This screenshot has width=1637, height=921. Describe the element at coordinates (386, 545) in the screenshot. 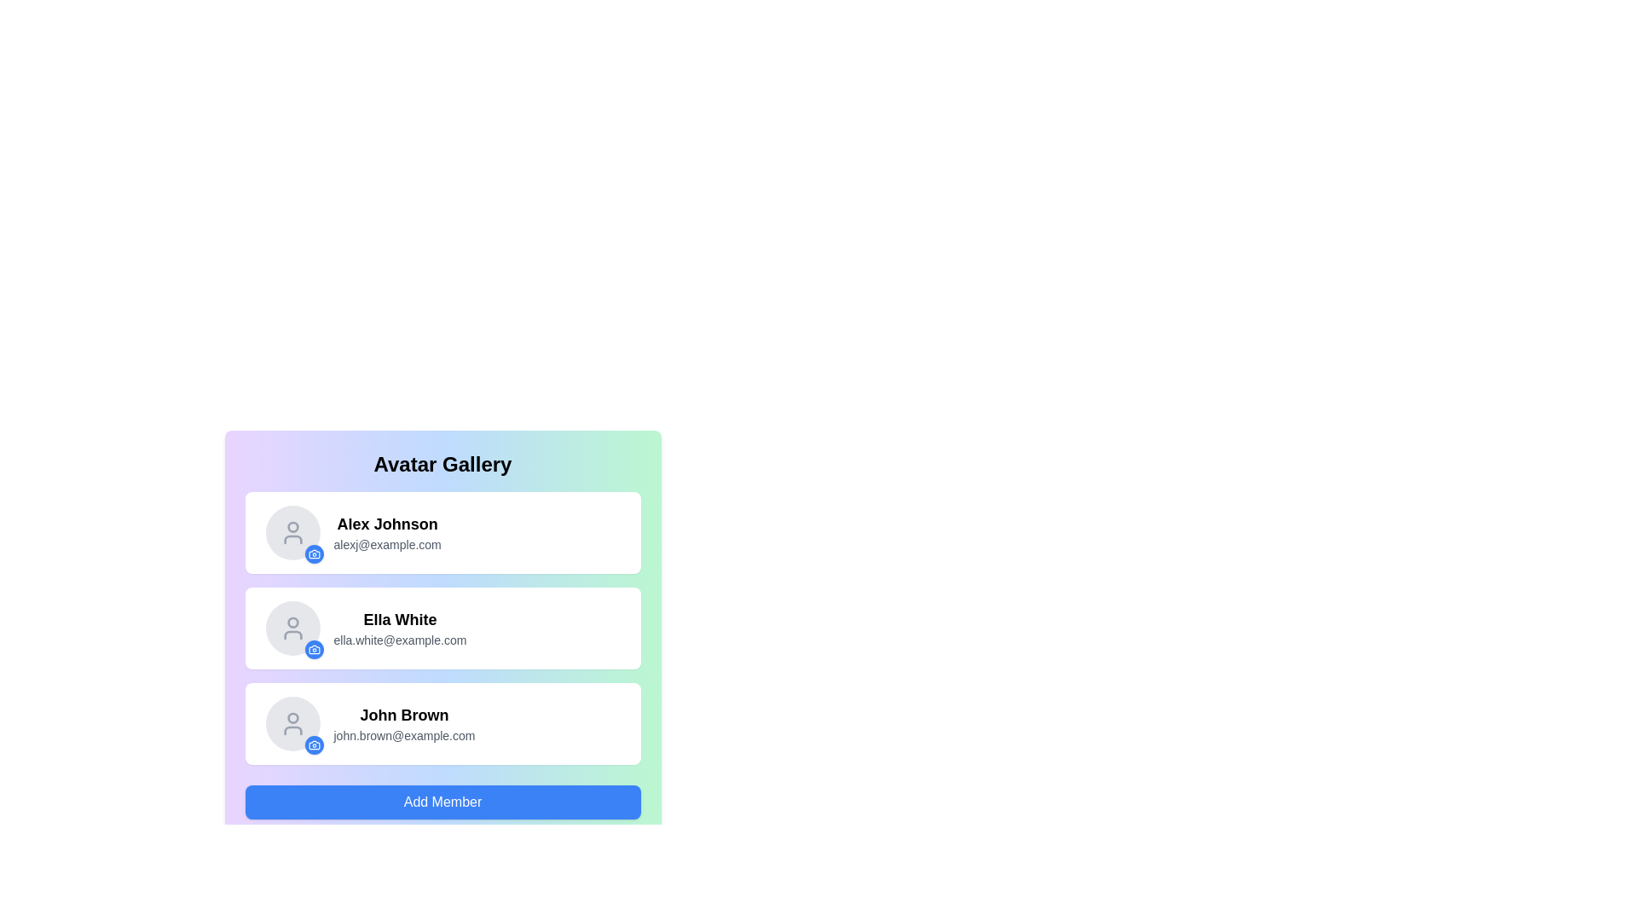

I see `the text label displaying the email address 'alexj@example.com' located below 'Alex Johnson' in the user information card` at that location.